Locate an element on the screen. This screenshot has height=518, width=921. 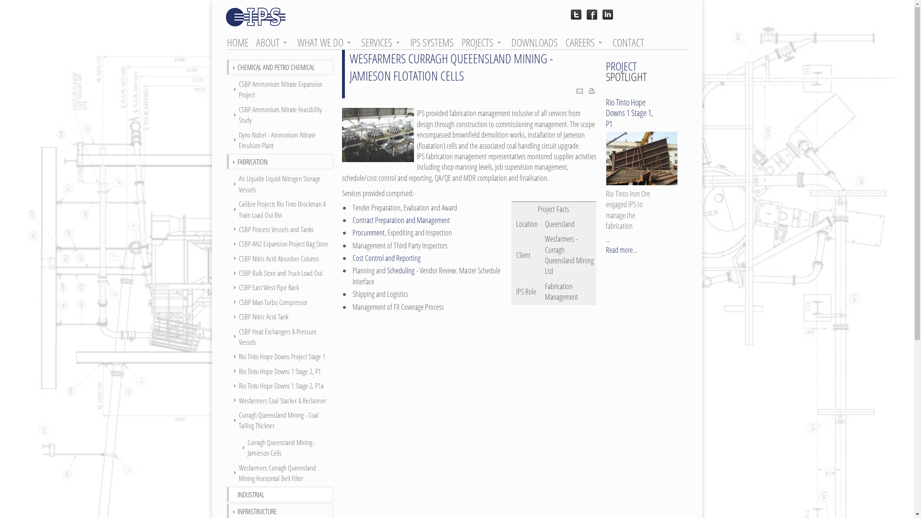
'Contract Preparation and Management' is located at coordinates (401, 220).